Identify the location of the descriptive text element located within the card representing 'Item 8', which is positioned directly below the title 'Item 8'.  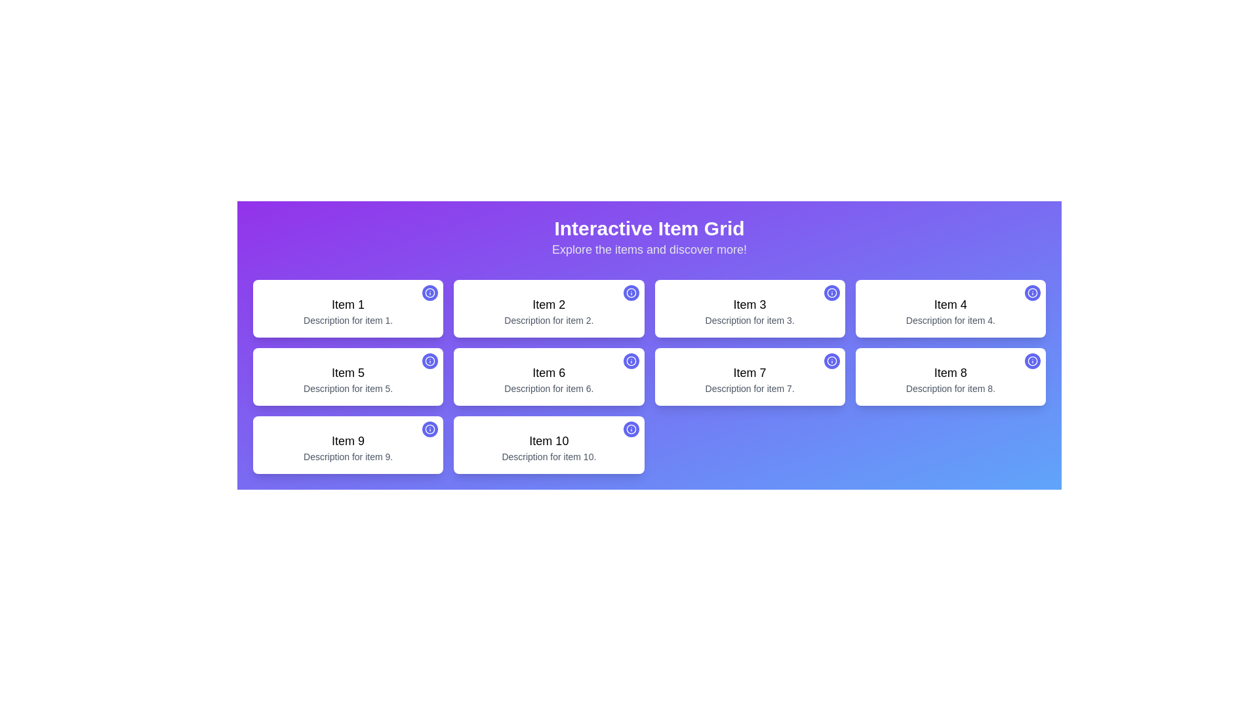
(950, 388).